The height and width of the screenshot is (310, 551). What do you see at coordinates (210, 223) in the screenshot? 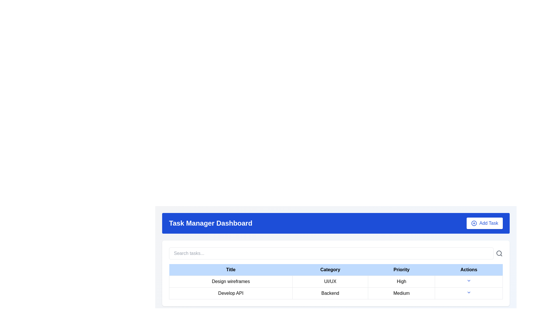
I see `text label displaying 'Task Manager Dashboard' which is styled in bold font and positioned at the left side of the header section` at bounding box center [210, 223].